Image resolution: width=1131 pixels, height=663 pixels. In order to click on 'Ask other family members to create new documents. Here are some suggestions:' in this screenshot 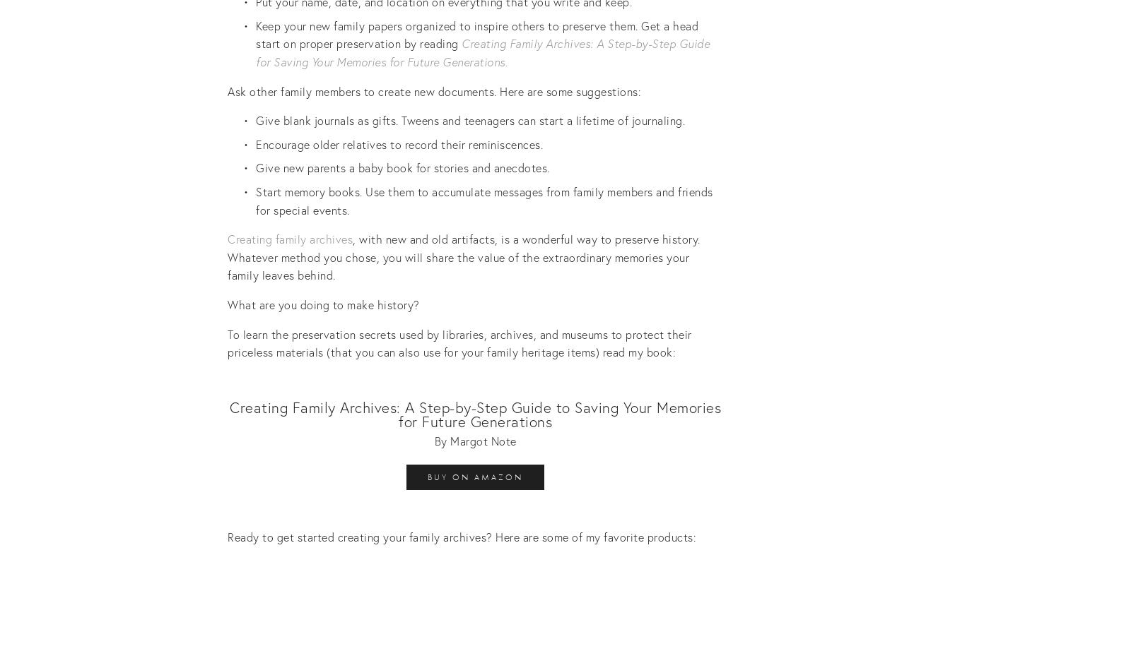, I will do `click(228, 90)`.